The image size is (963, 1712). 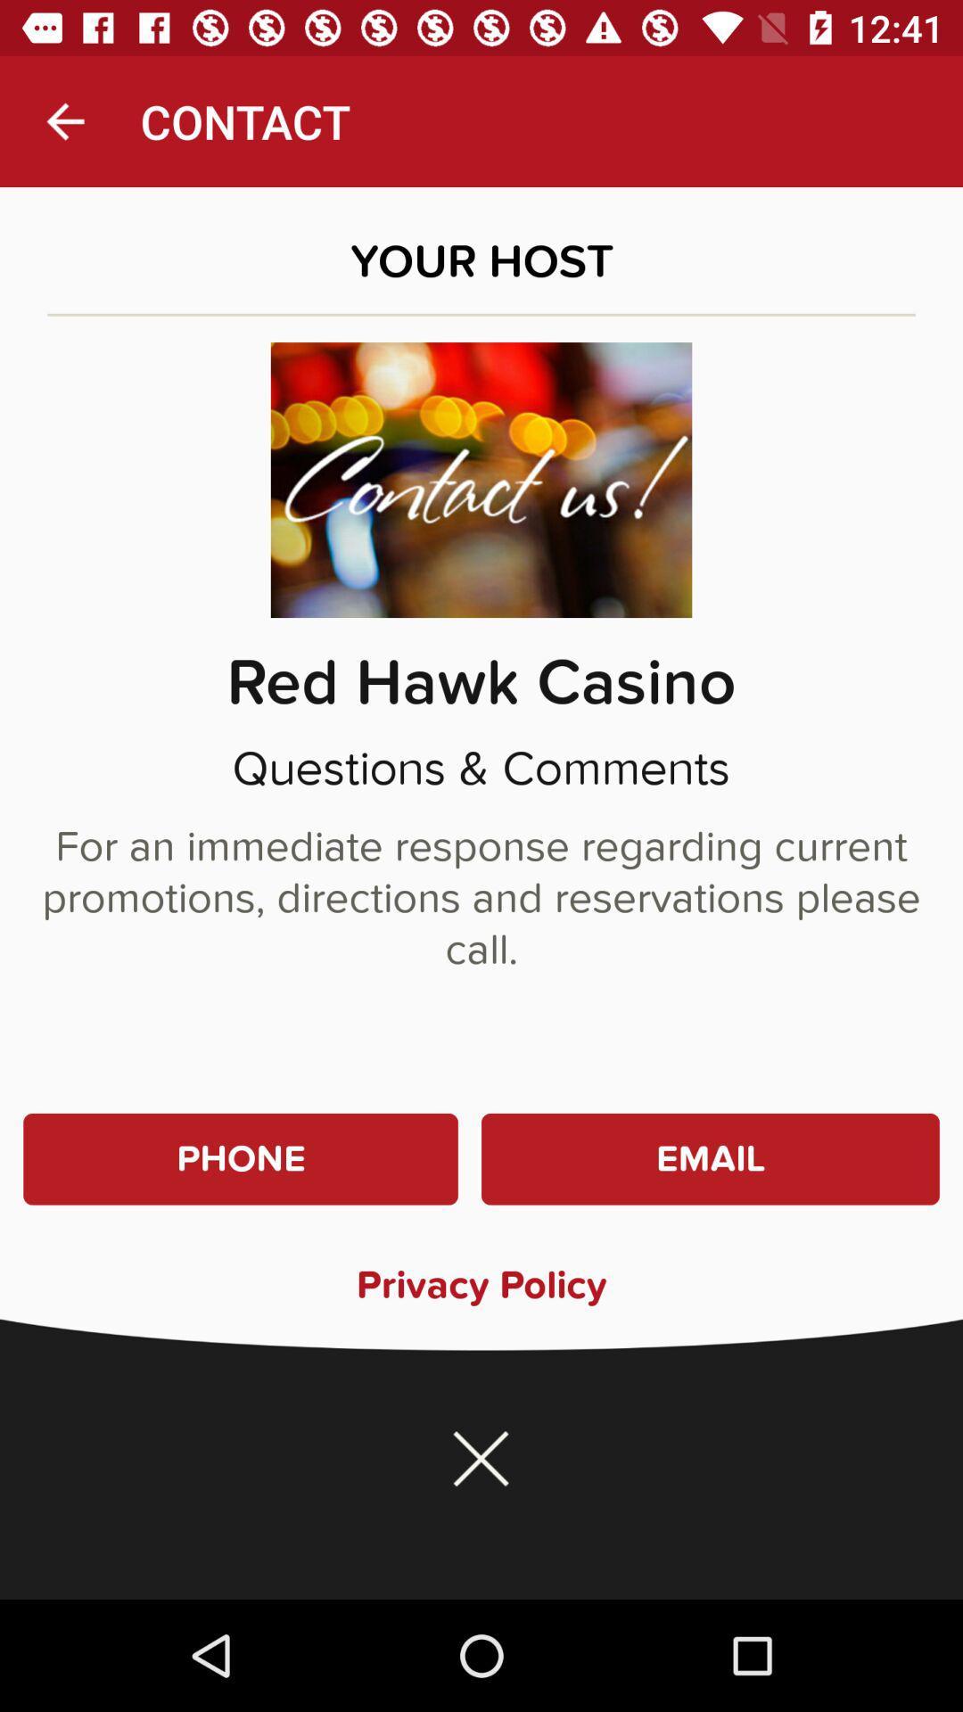 I want to click on item below the for an immediate item, so click(x=241, y=1159).